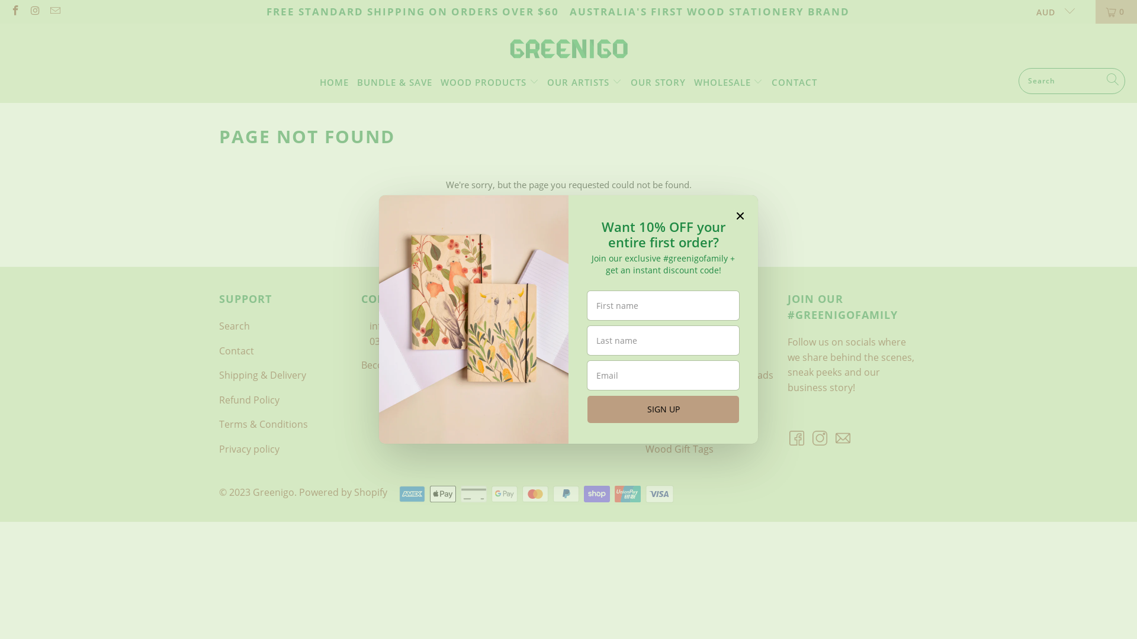 The image size is (1137, 639). Describe the element at coordinates (1026, 11) in the screenshot. I see `'AUD'` at that location.